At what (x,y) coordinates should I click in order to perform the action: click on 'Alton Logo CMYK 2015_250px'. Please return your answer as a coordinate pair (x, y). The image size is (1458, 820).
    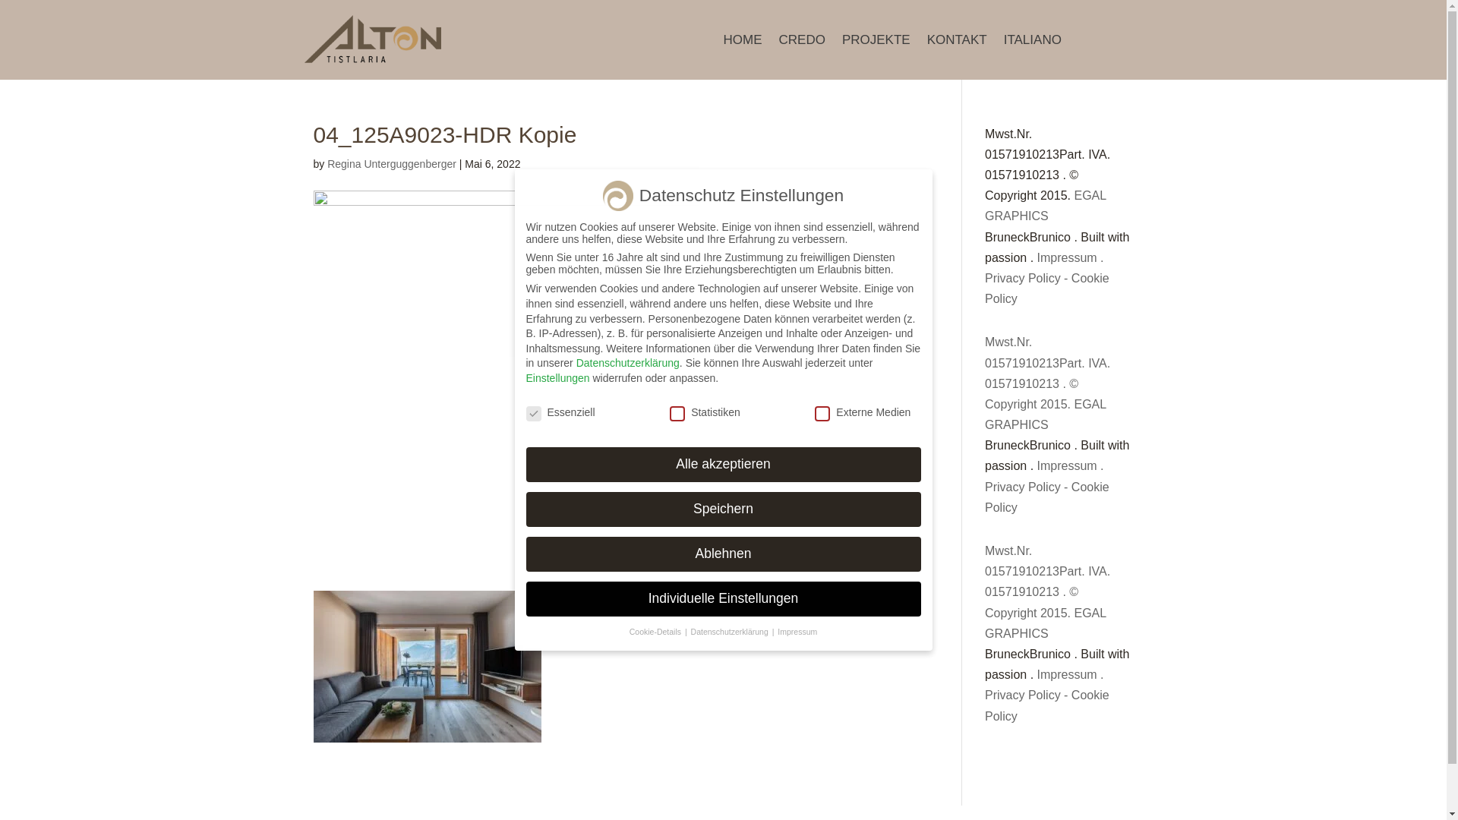
    Looking at the image, I should click on (372, 39).